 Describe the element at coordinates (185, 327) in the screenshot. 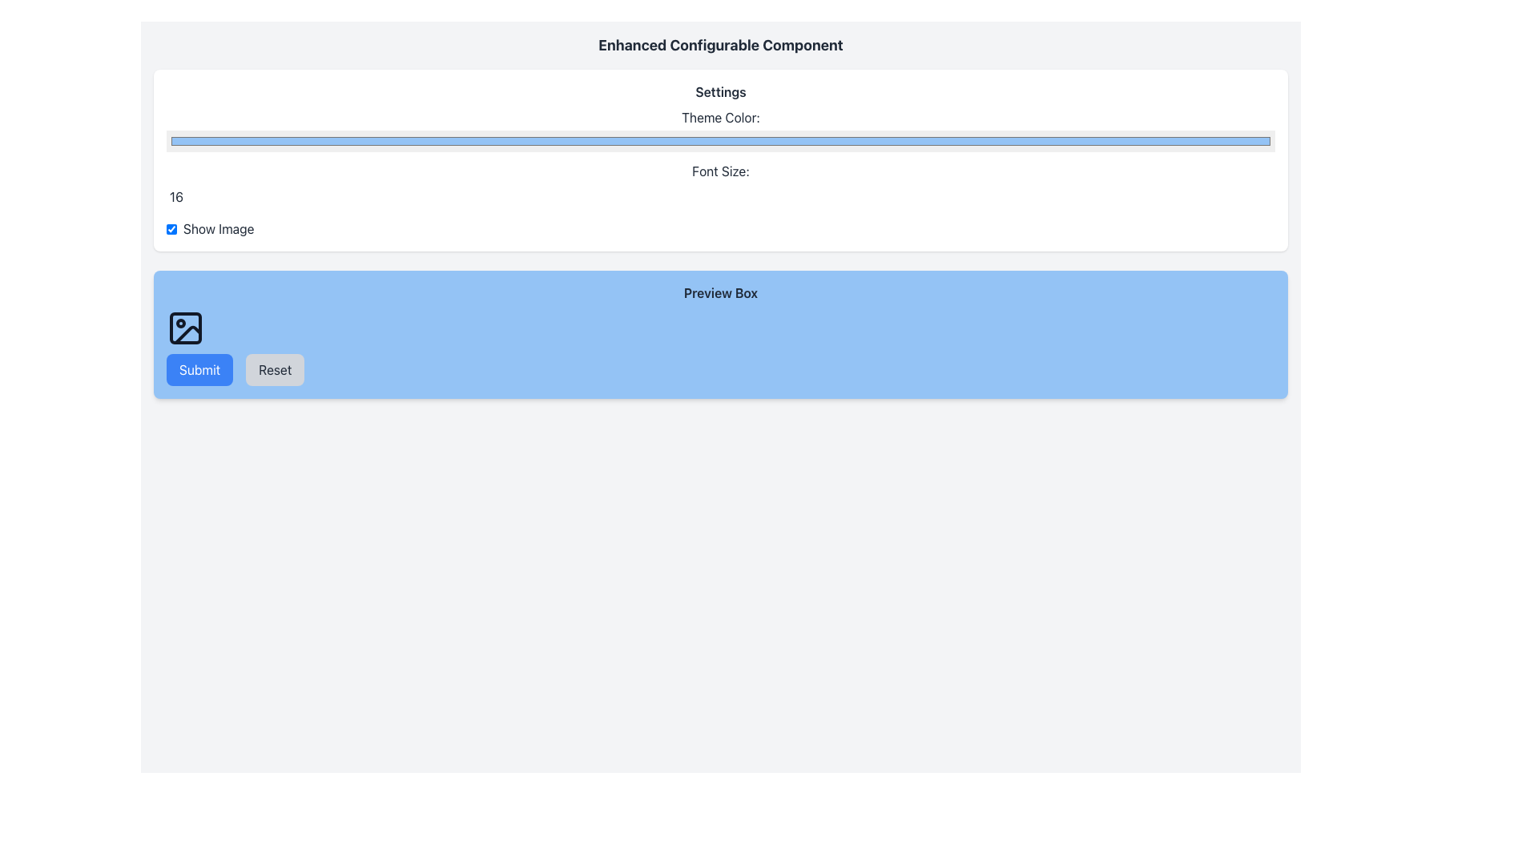

I see `the decorative square component located centrally within the image icon at the top left of the preview box area` at that location.